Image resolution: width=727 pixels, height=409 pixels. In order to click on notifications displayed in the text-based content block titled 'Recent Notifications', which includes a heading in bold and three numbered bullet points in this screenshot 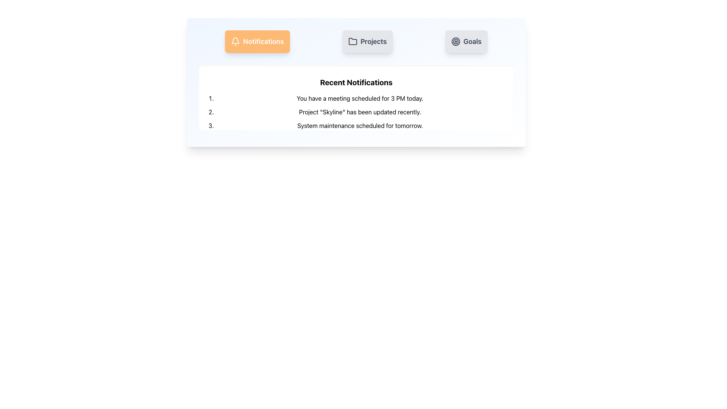, I will do `click(356, 103)`.